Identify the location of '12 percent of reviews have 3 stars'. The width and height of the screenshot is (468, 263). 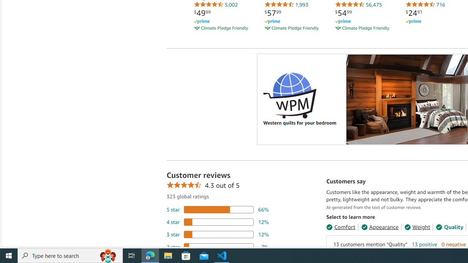
(217, 234).